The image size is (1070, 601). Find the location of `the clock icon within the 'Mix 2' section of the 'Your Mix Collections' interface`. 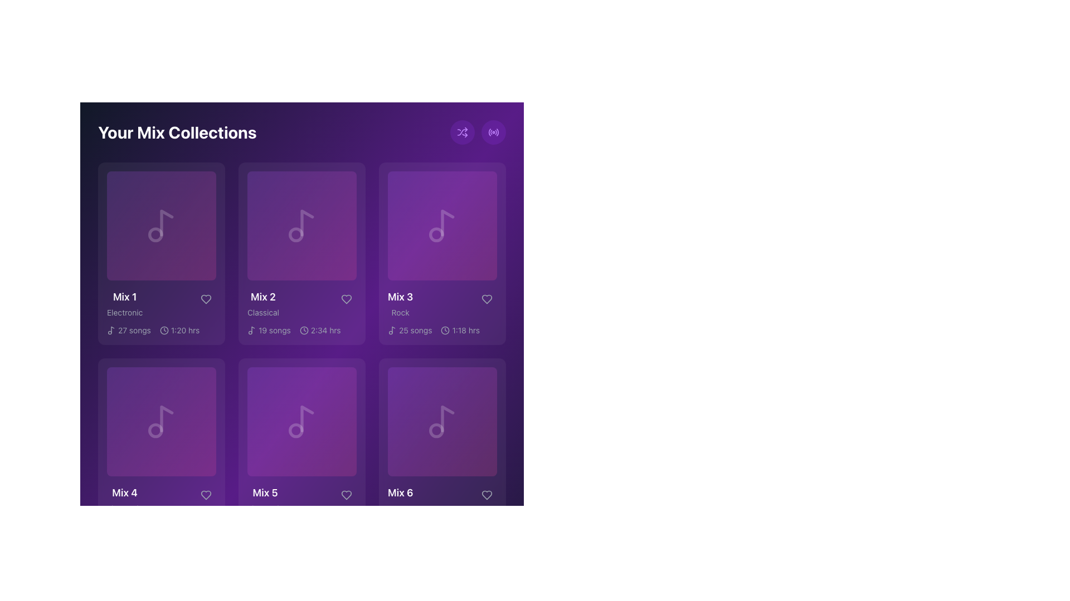

the clock icon within the 'Mix 2' section of the 'Your Mix Collections' interface is located at coordinates (304, 330).